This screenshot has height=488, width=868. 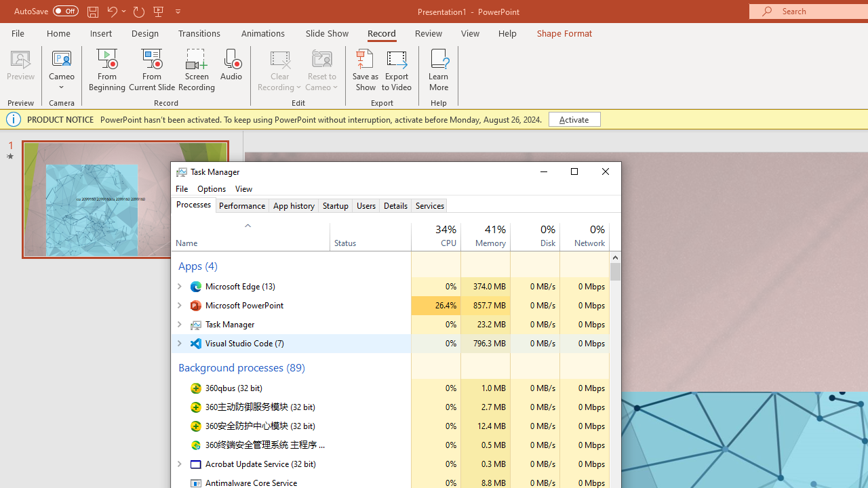 What do you see at coordinates (211, 188) in the screenshot?
I see `'Options'` at bounding box center [211, 188].